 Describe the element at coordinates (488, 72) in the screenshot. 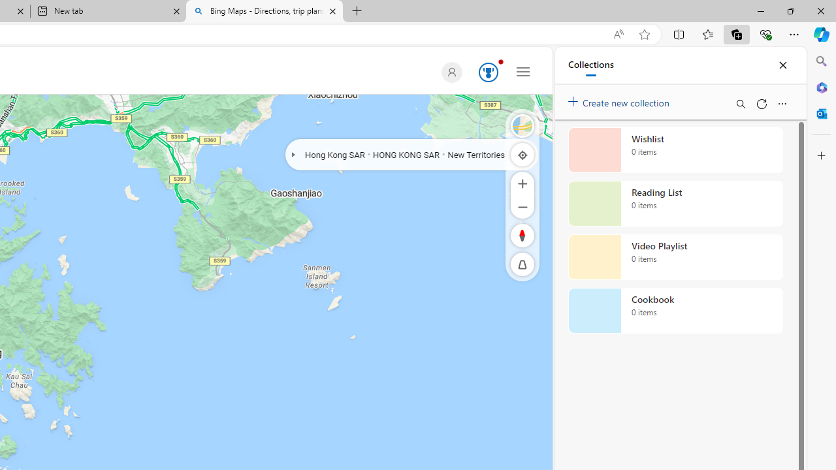

I see `'AutomationID: serp_medal_svg'` at that location.